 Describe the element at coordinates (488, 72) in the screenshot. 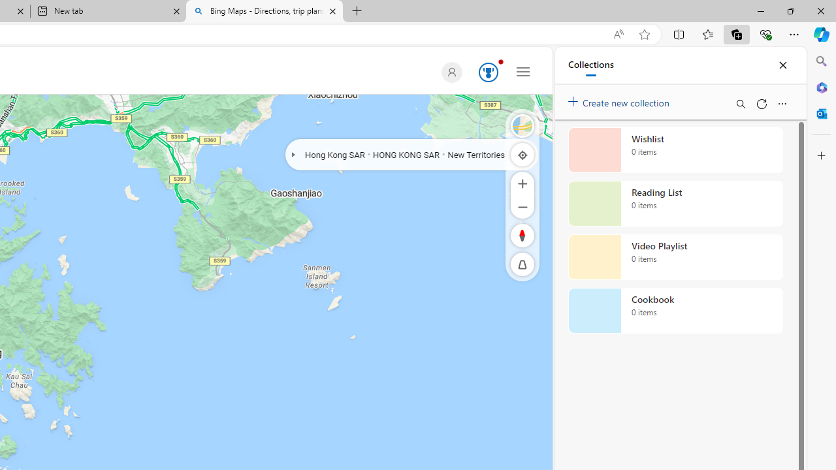

I see `'AutomationID: serp_medal_svg'` at that location.